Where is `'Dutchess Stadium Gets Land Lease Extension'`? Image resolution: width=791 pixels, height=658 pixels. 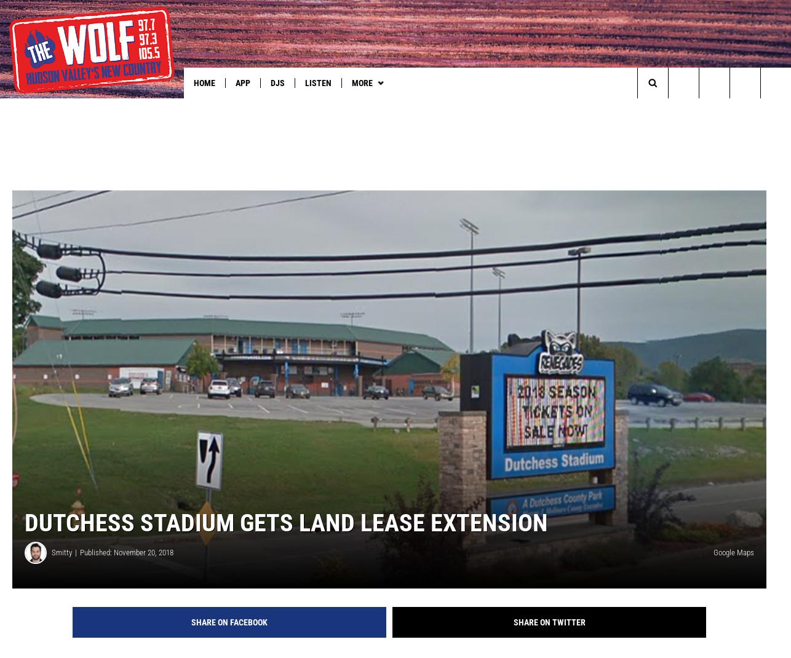 'Dutchess Stadium Gets Land Lease Extension' is located at coordinates (285, 542).